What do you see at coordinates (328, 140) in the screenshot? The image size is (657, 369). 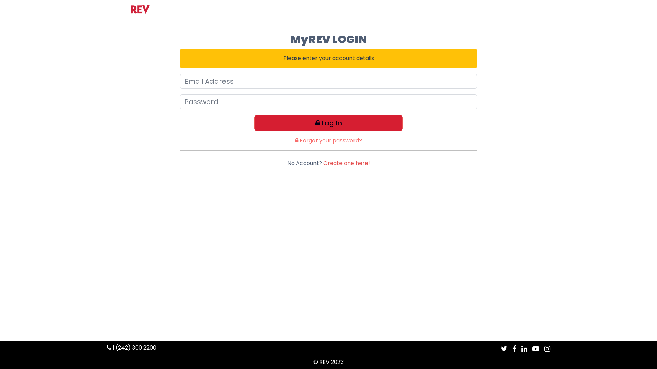 I see `'Forgot your password?'` at bounding box center [328, 140].